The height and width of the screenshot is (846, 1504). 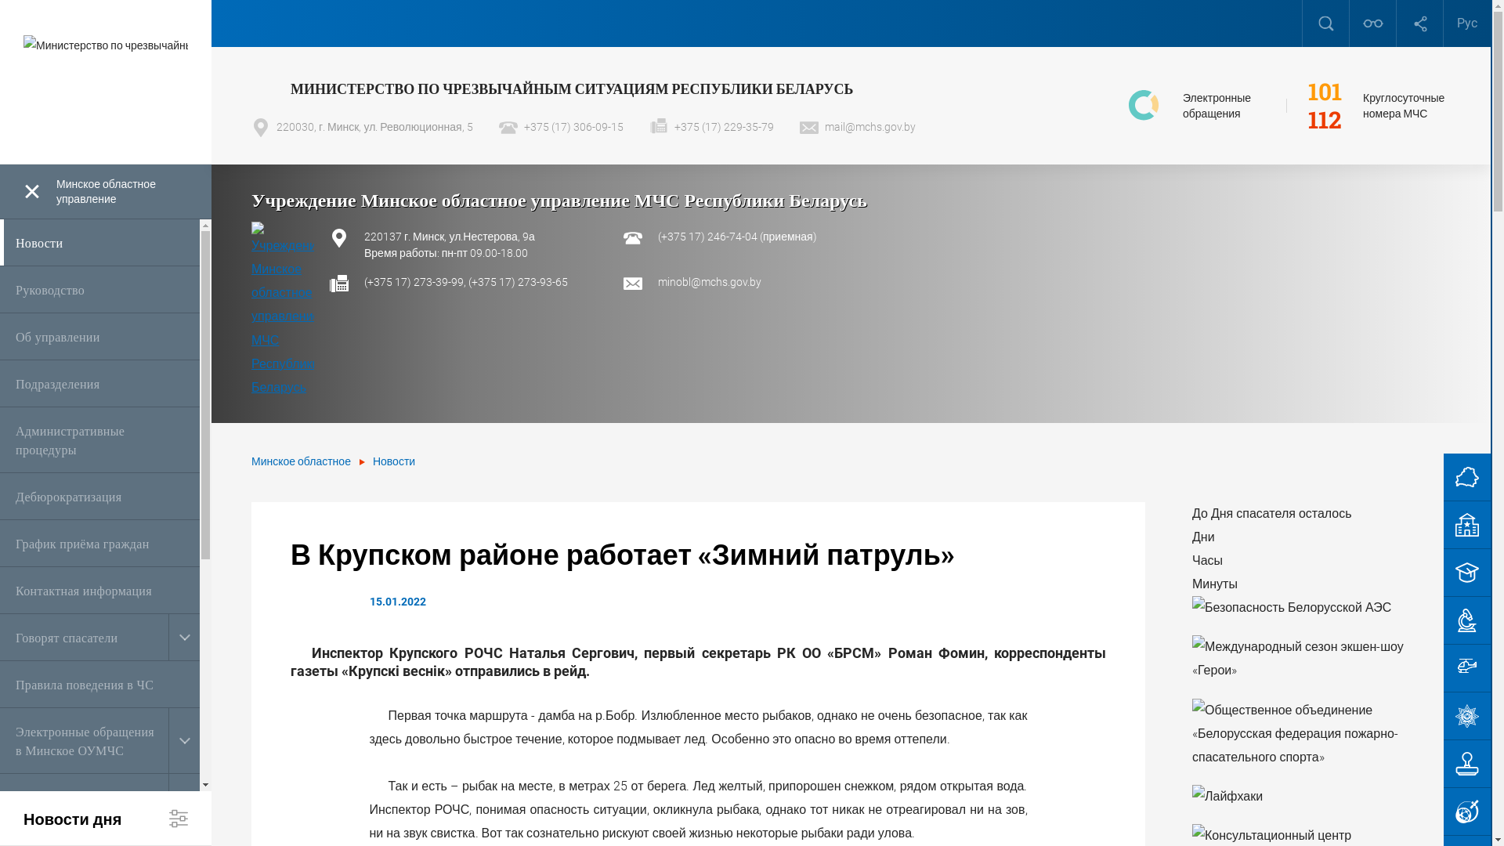 What do you see at coordinates (710, 126) in the screenshot?
I see `'+375 (17) 229-35-79'` at bounding box center [710, 126].